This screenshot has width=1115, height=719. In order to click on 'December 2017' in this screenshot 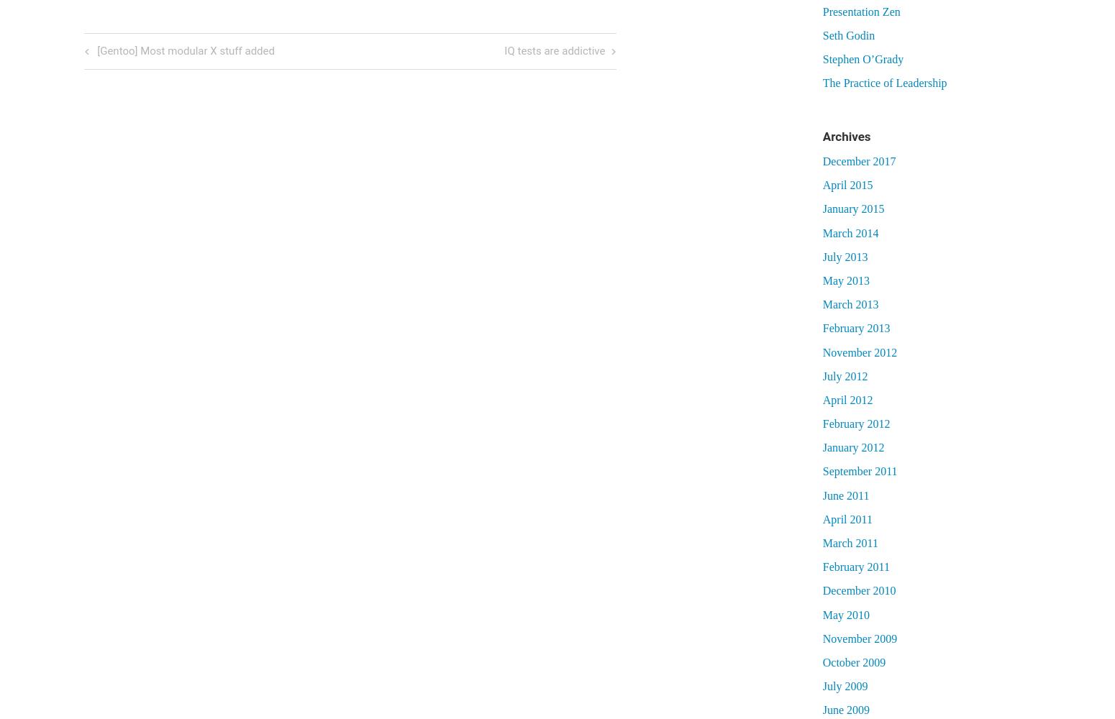, I will do `click(858, 160)`.